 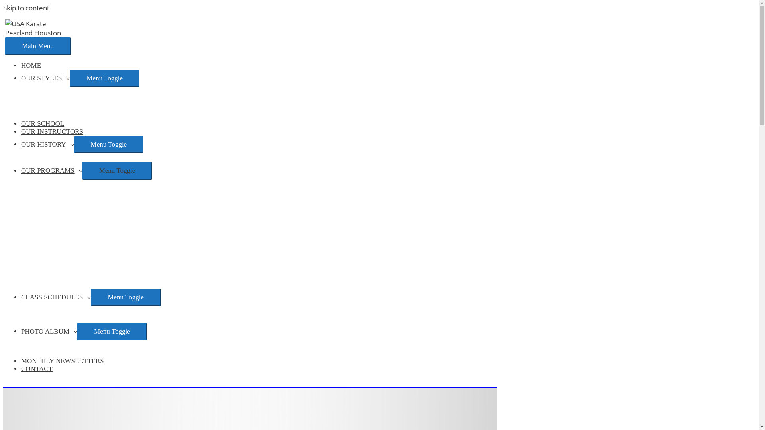 What do you see at coordinates (36, 369) in the screenshot?
I see `'CONTACT'` at bounding box center [36, 369].